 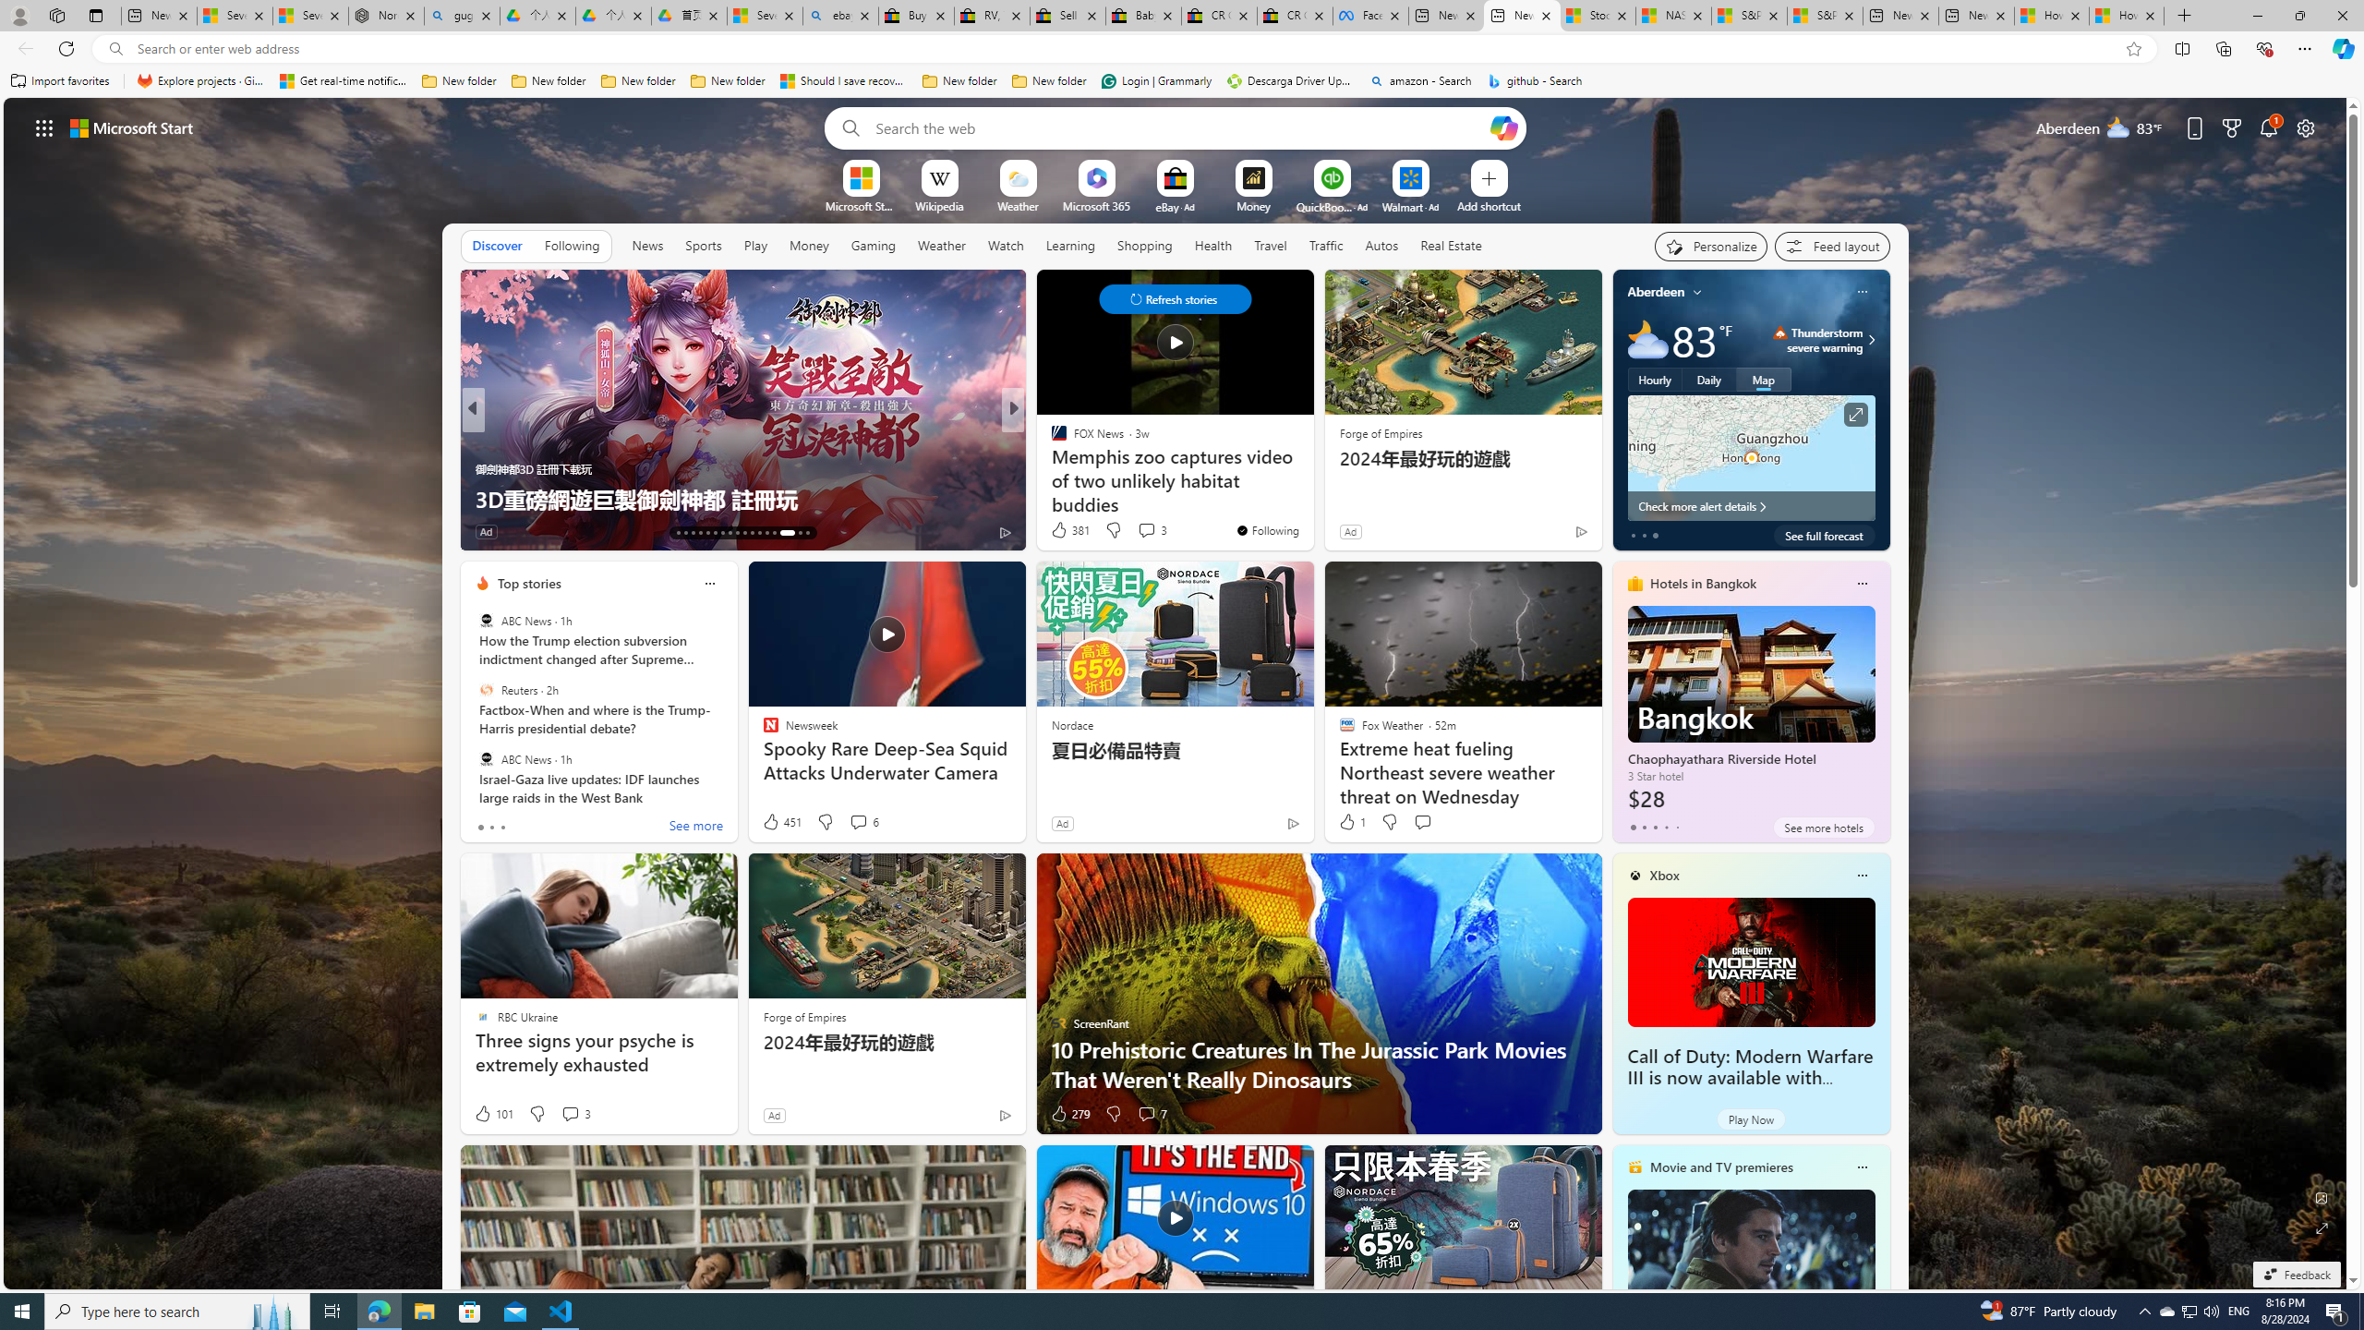 What do you see at coordinates (1750, 505) in the screenshot?
I see `'Check more alert details'` at bounding box center [1750, 505].